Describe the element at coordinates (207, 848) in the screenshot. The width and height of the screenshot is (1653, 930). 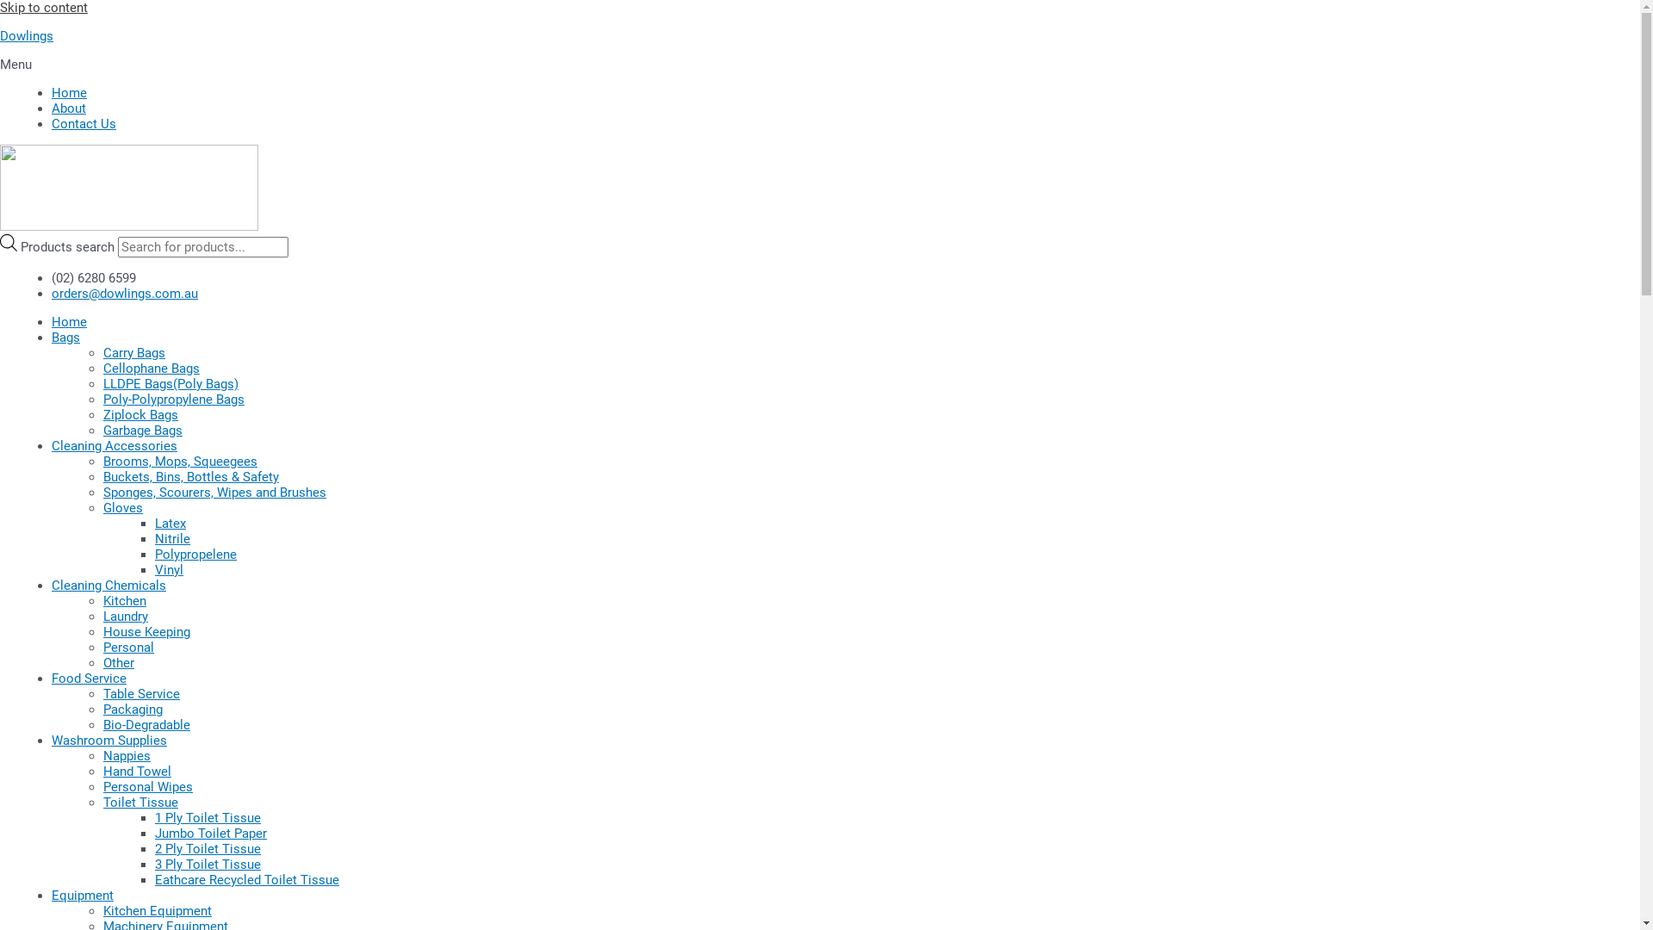
I see `'2 Ply Toilet Tissue'` at that location.